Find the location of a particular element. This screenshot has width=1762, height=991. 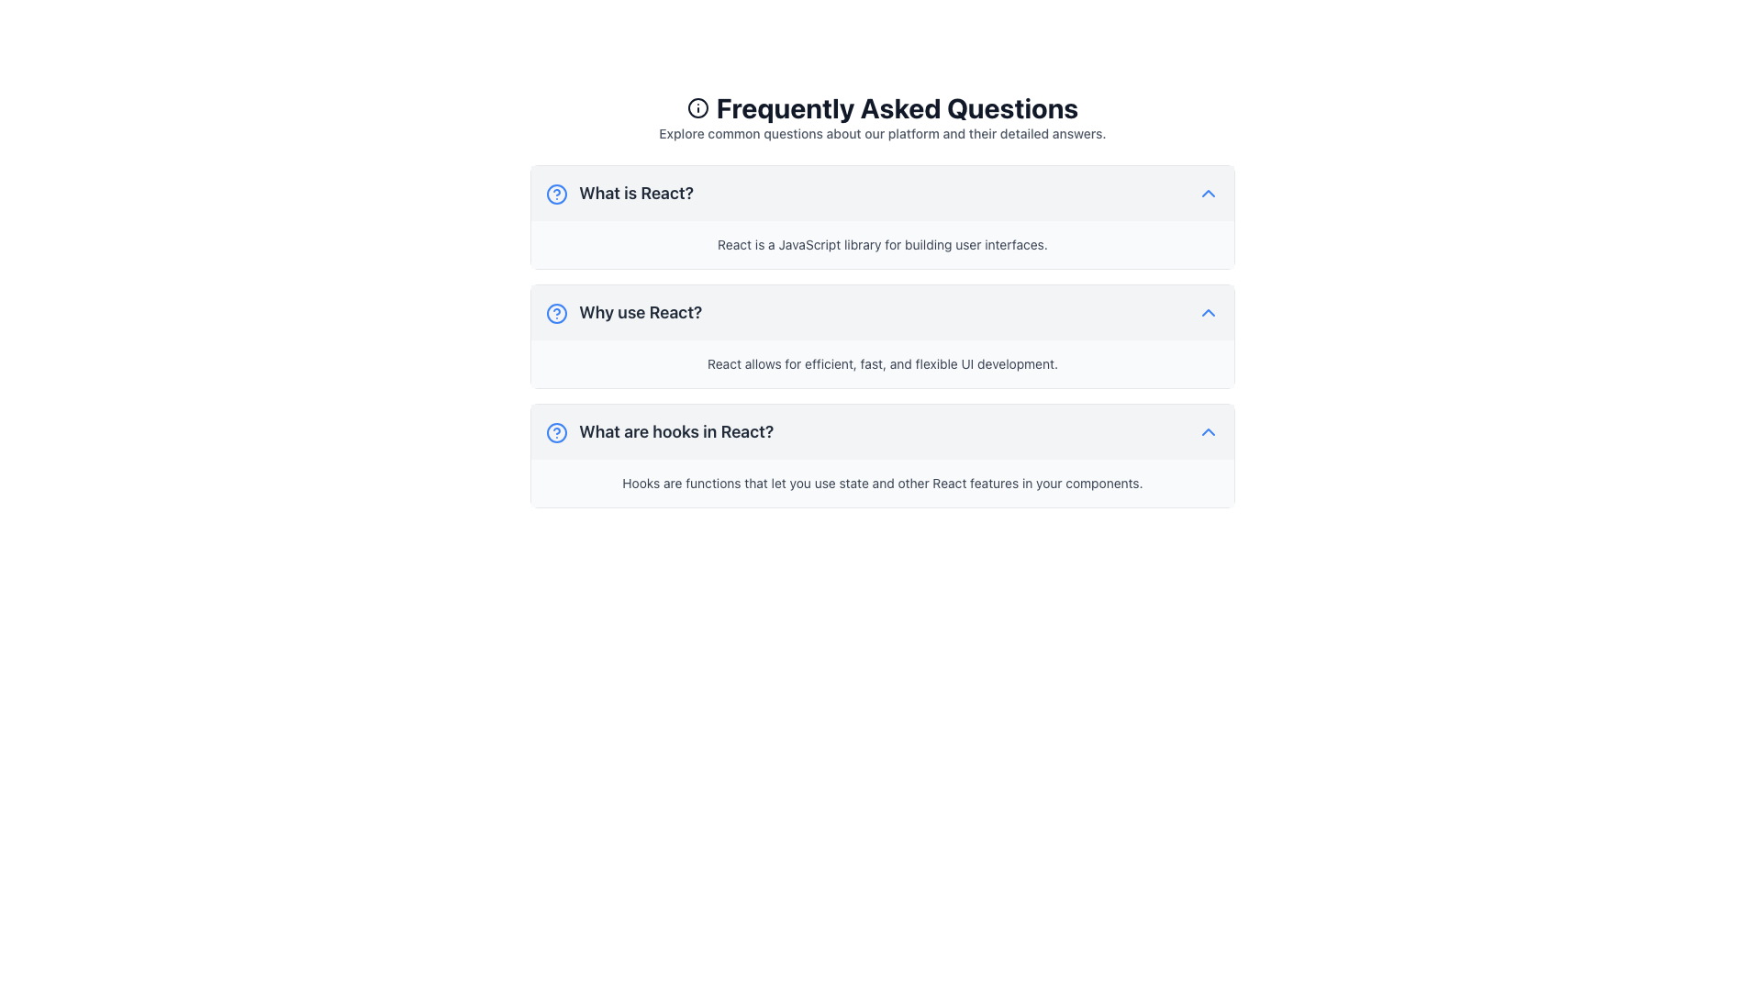

the Chevron Up icon that collapses the expanded FAQ section for 'What are hooks in React?' is located at coordinates (1208, 431).